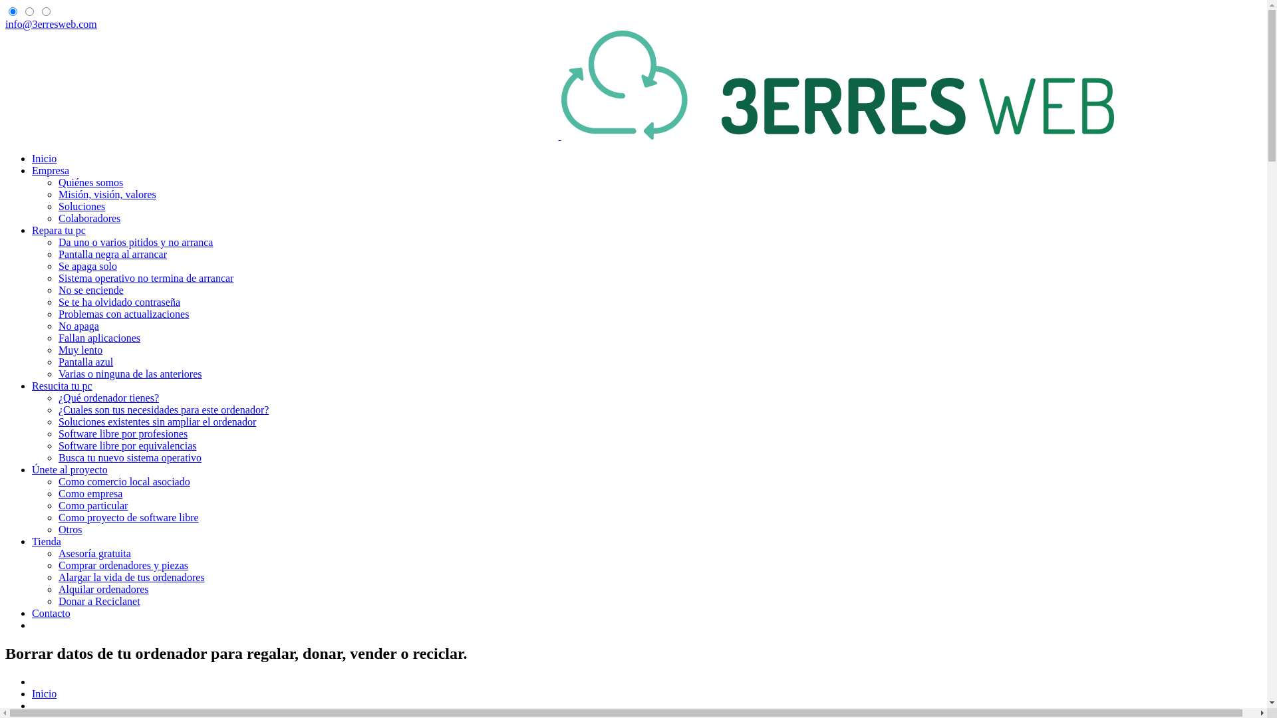 The image size is (1277, 718). Describe the element at coordinates (123, 433) in the screenshot. I see `'Software libre por profesiones'` at that location.